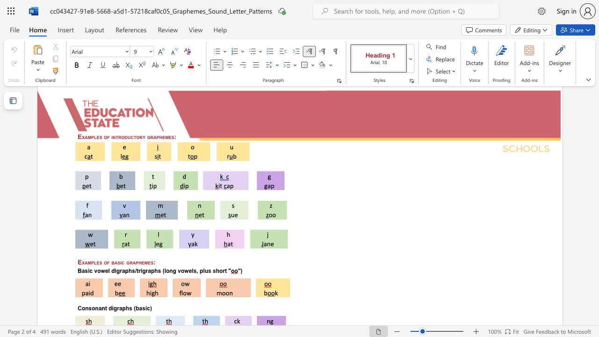  What do you see at coordinates (142, 271) in the screenshot?
I see `the subset text "graphs" within the text "Basic vowel digraphs/trigraphs (long vowels, plus short"` at bounding box center [142, 271].